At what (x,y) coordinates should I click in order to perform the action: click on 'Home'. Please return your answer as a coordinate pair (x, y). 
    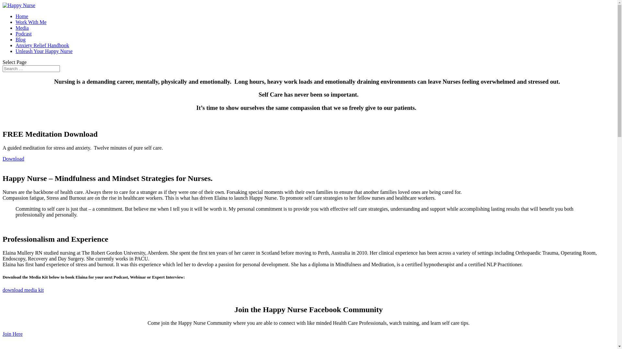
    Looking at the image, I should click on (16, 16).